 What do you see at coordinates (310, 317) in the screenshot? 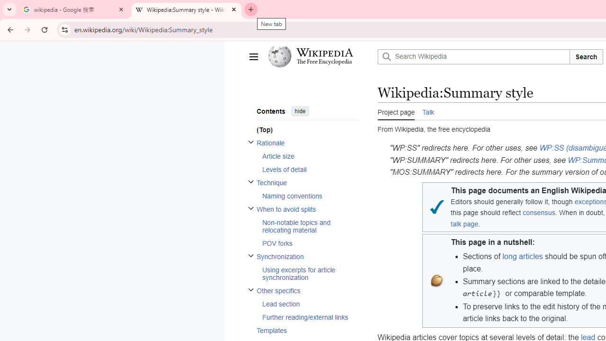
I see `'Further reading/external links'` at bounding box center [310, 317].